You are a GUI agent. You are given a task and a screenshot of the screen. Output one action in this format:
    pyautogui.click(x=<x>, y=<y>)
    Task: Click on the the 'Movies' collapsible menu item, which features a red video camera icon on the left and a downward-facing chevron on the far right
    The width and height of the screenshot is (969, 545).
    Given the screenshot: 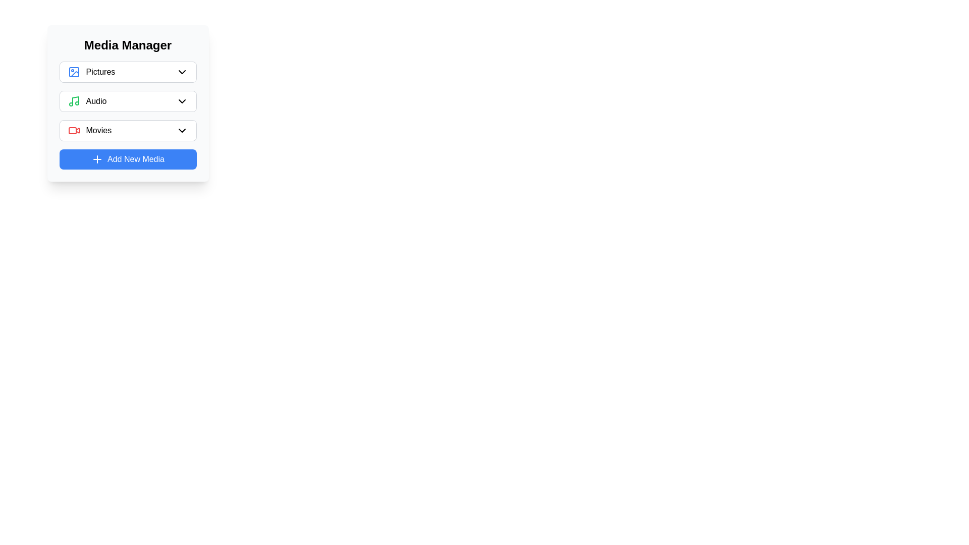 What is the action you would take?
    pyautogui.click(x=127, y=130)
    